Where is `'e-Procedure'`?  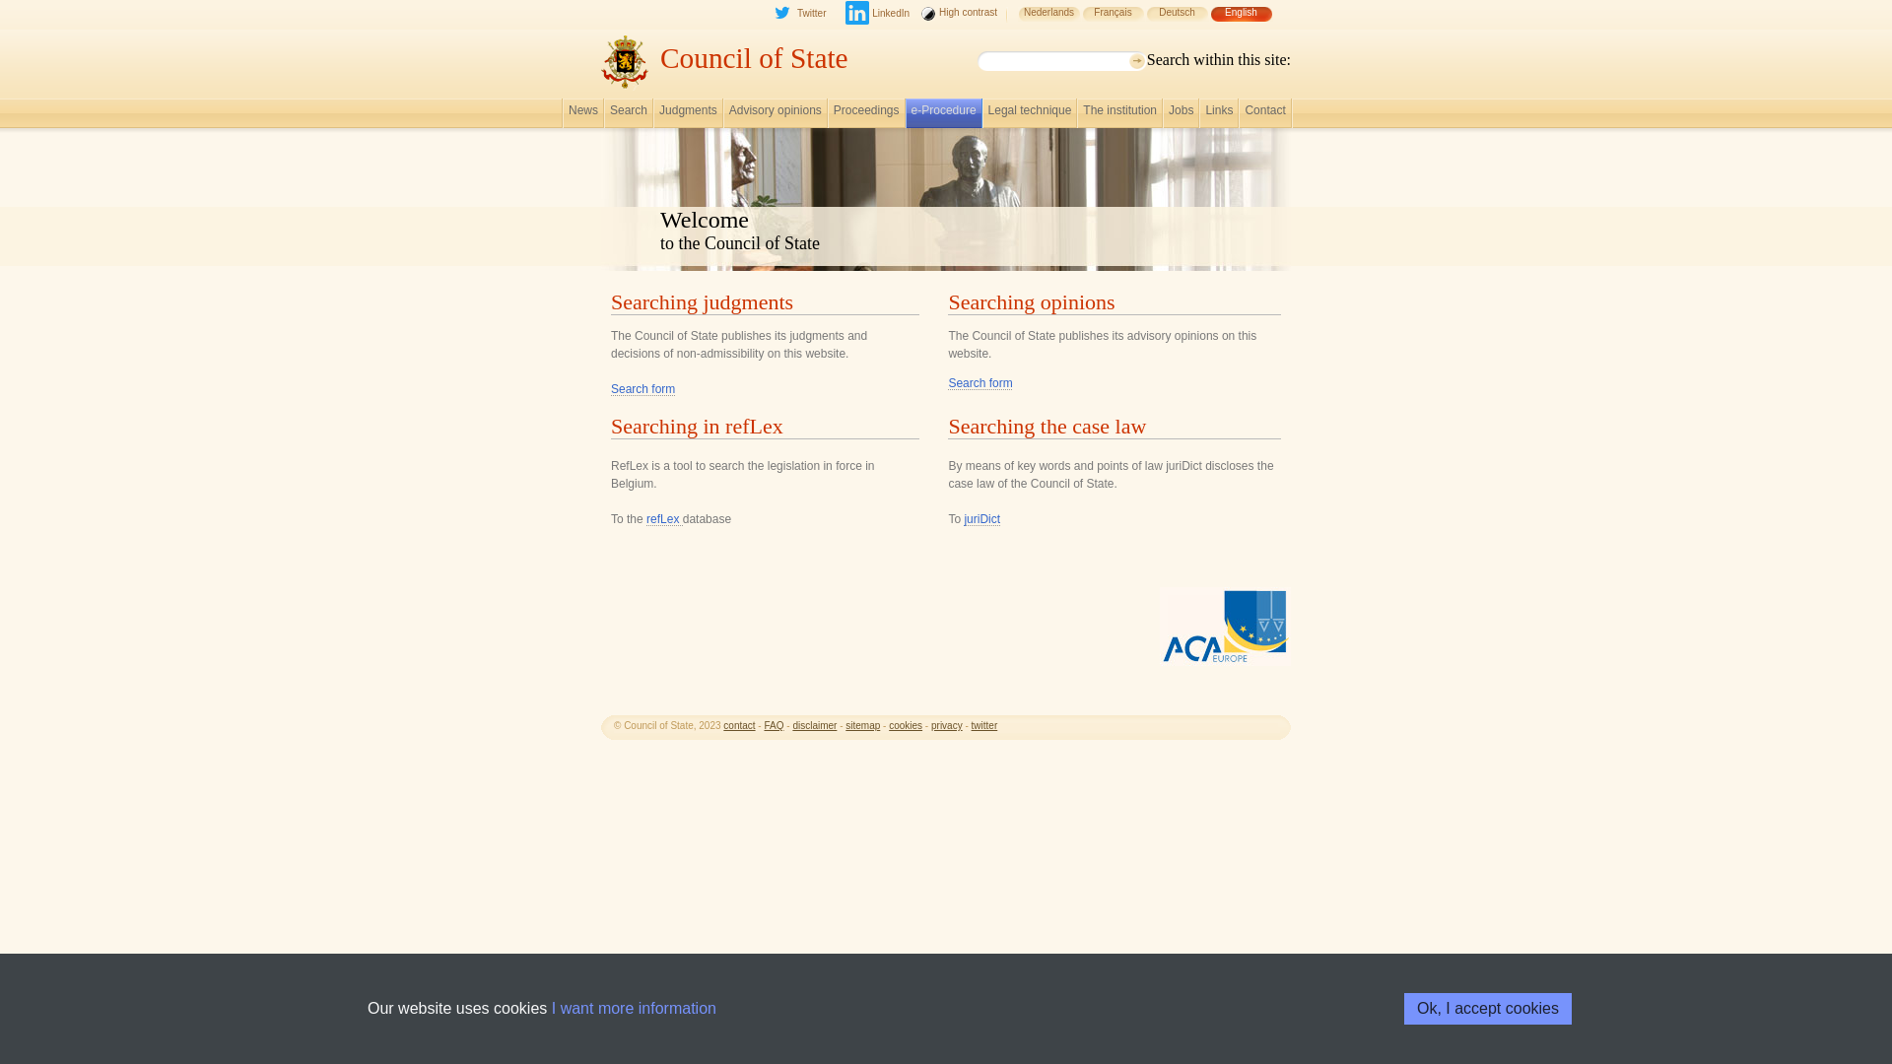
'e-Procedure' is located at coordinates (911, 115).